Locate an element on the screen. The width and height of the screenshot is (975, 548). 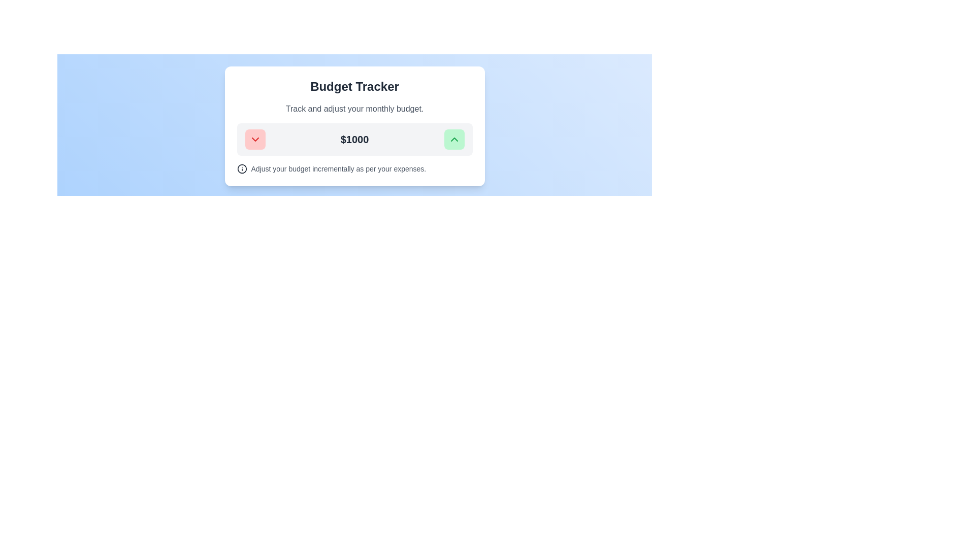
the information icon, which is a circular icon with a dark gray outline and a letter 'i' in the center, located in the text section below the monetary value section of the card component is located at coordinates (241, 168).